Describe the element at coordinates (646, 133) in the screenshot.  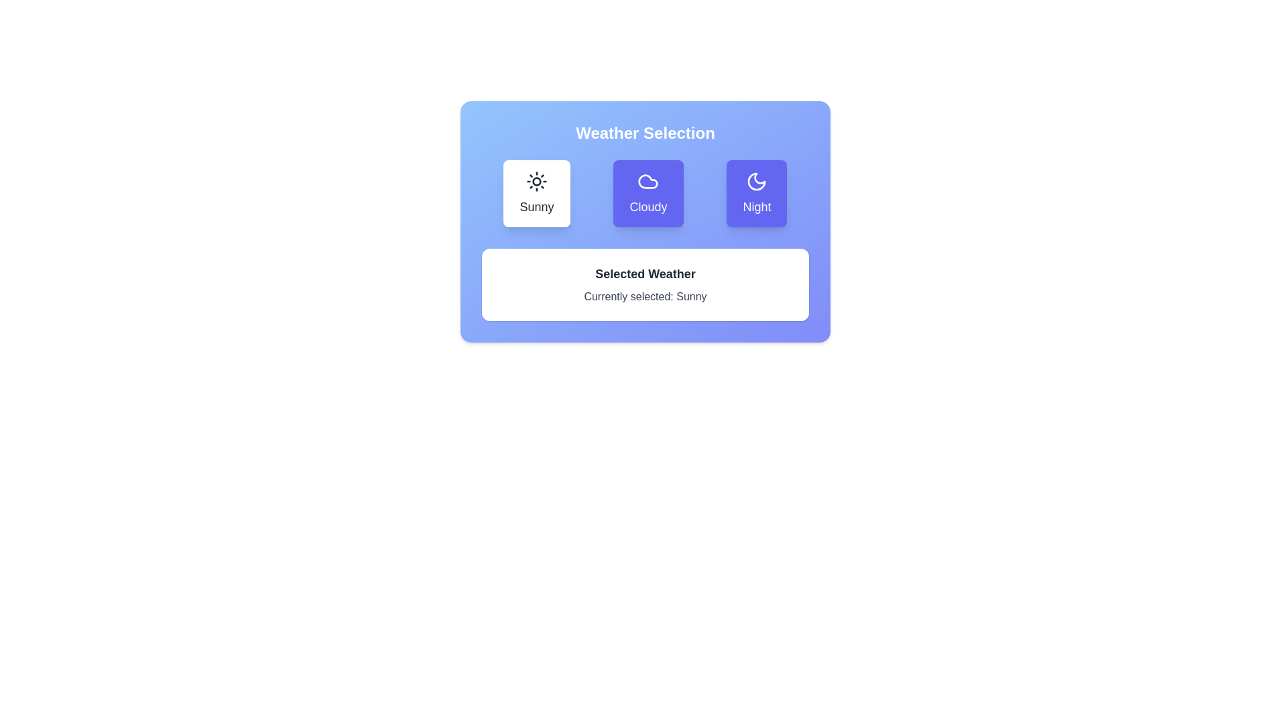
I see `text from the header titled 'Weather Selection' located at the top of the card section, which is positioned above the weather options` at that location.